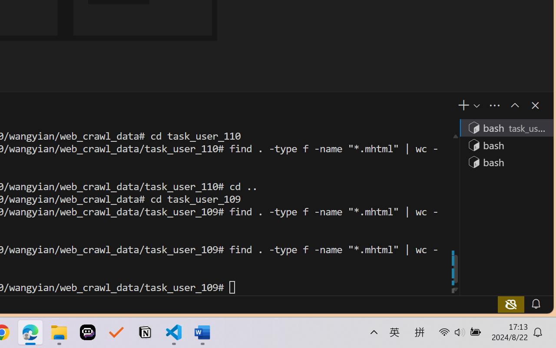 This screenshot has width=556, height=348. I want to click on 'Launch Profile...', so click(476, 105).